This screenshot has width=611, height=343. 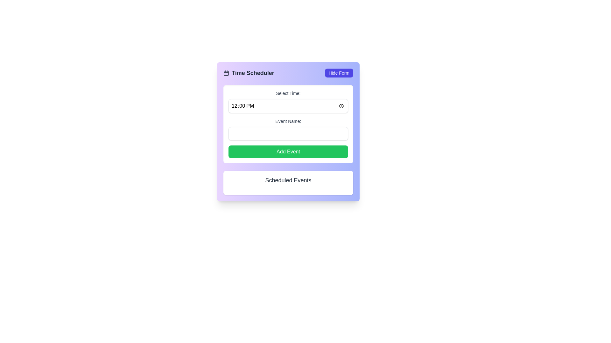 What do you see at coordinates (226, 73) in the screenshot?
I see `the appearance of the scheduling icon located to the immediate left of the bold text 'Time Scheduler' within the header of the card UI` at bounding box center [226, 73].